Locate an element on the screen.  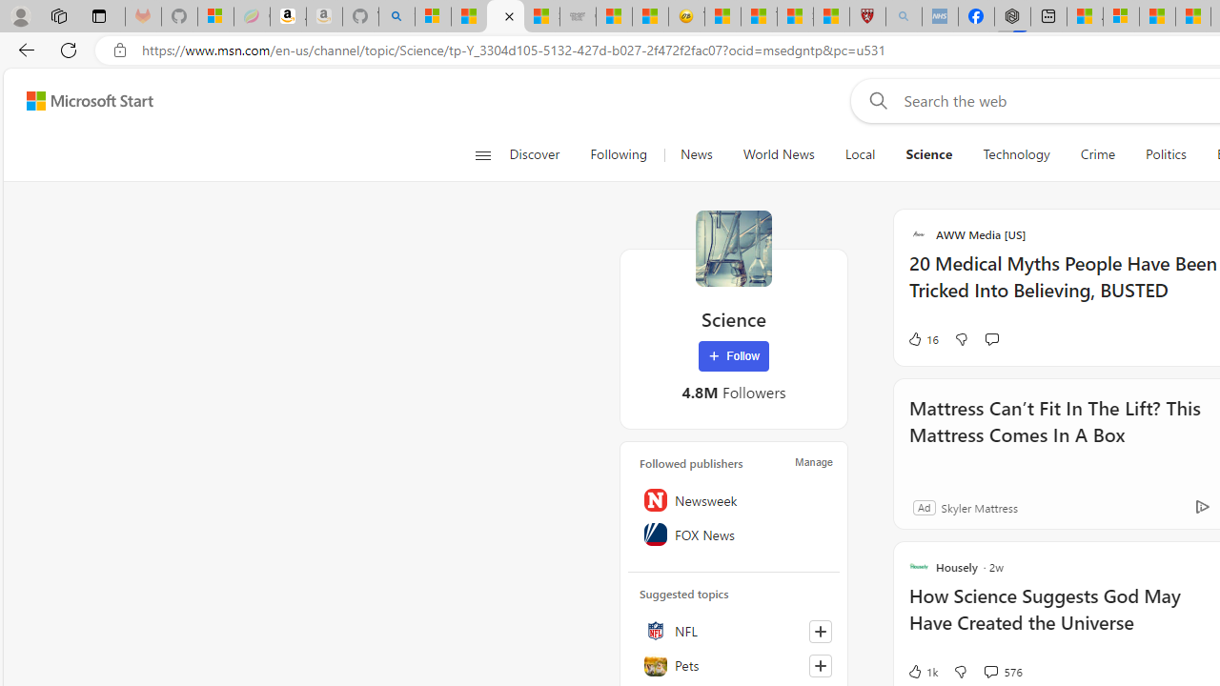
'1k Like' is located at coordinates (922, 670).